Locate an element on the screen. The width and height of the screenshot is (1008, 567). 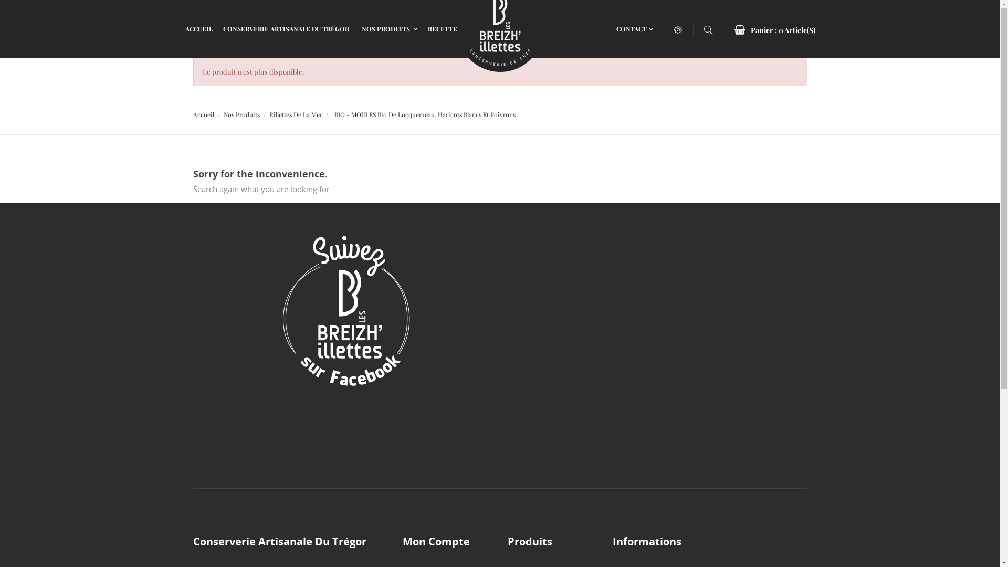
'Panier : 0 Article(S)' is located at coordinates (774, 29).